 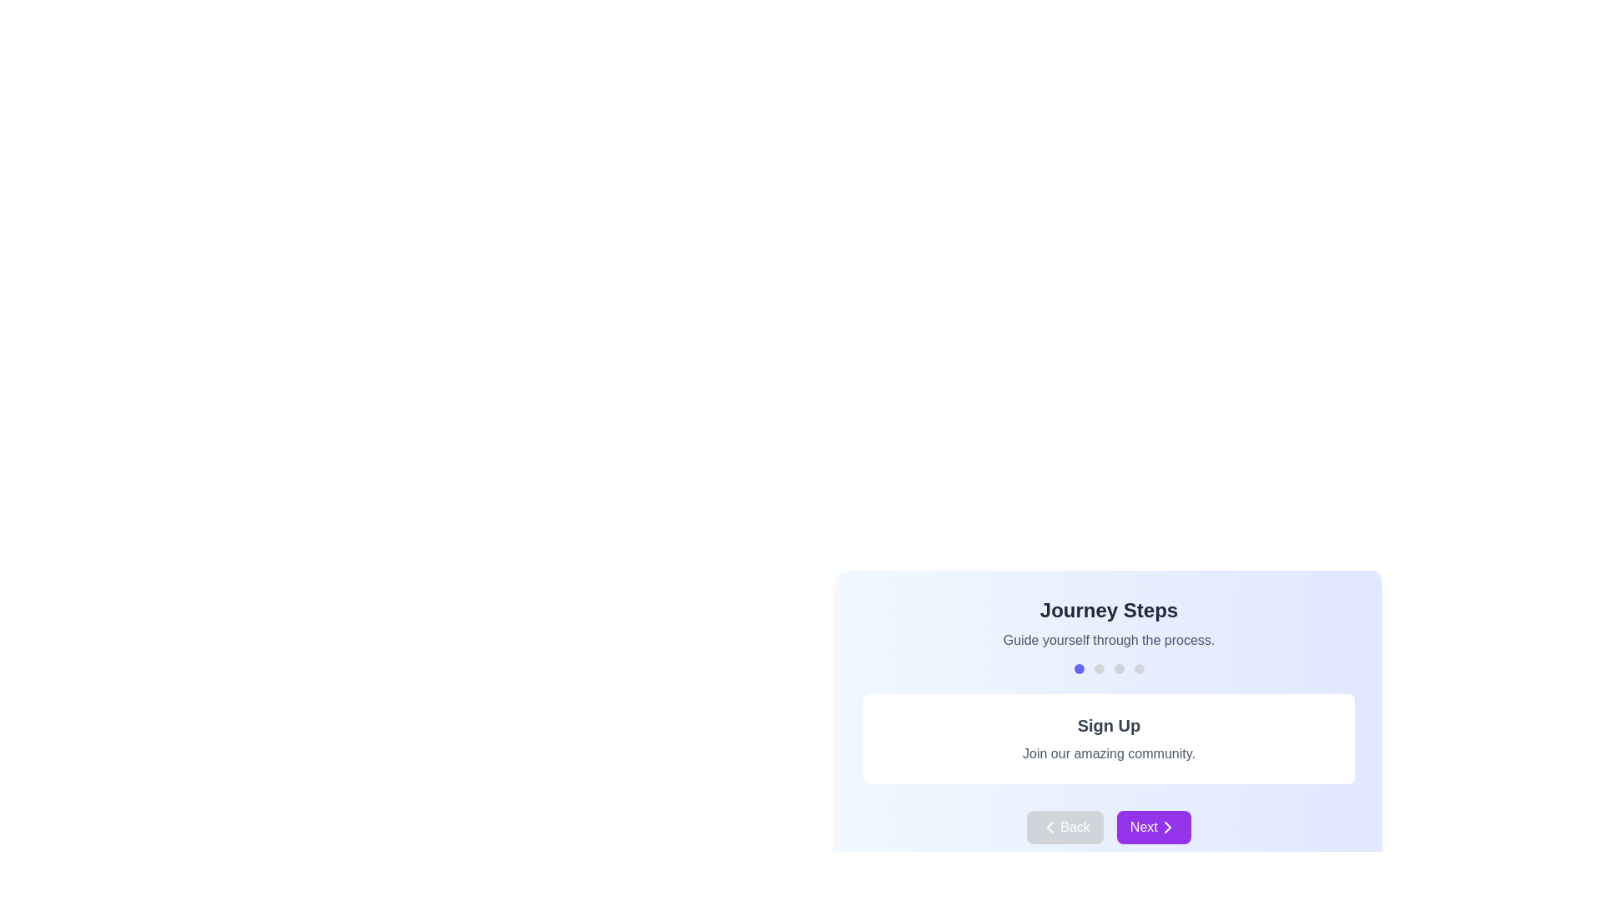 What do you see at coordinates (1109, 668) in the screenshot?
I see `the progression status of the horizontal progress indicator consisting of four circular icons, where the first icon is filled with indigo and the others are gray, located below the text 'Guide yourself through the process.'` at bounding box center [1109, 668].